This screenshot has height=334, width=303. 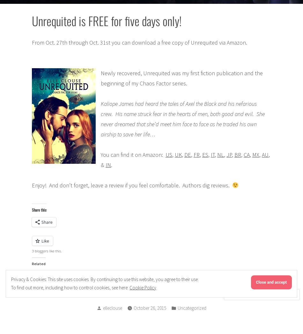 I want to click on 'Unrequited is FREE for five days only!', so click(x=106, y=20).